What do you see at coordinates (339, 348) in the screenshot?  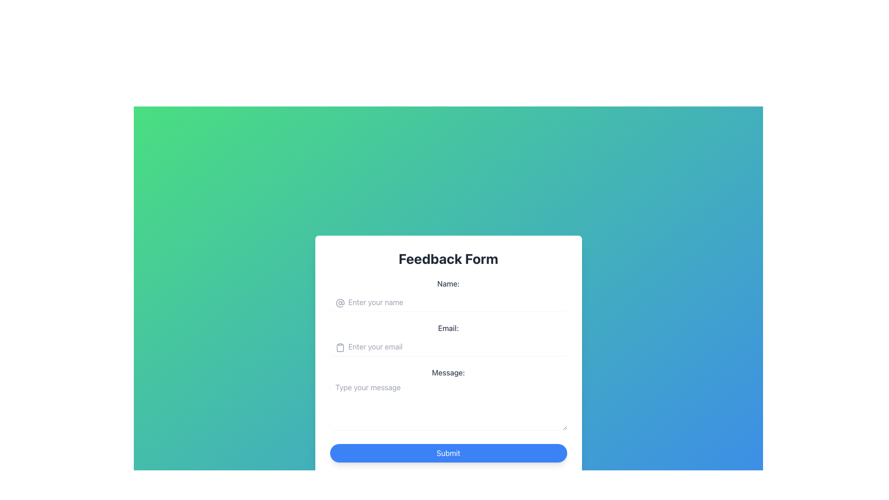 I see `the clipboard icon located in the email input section, which is styled with a thin black outline` at bounding box center [339, 348].